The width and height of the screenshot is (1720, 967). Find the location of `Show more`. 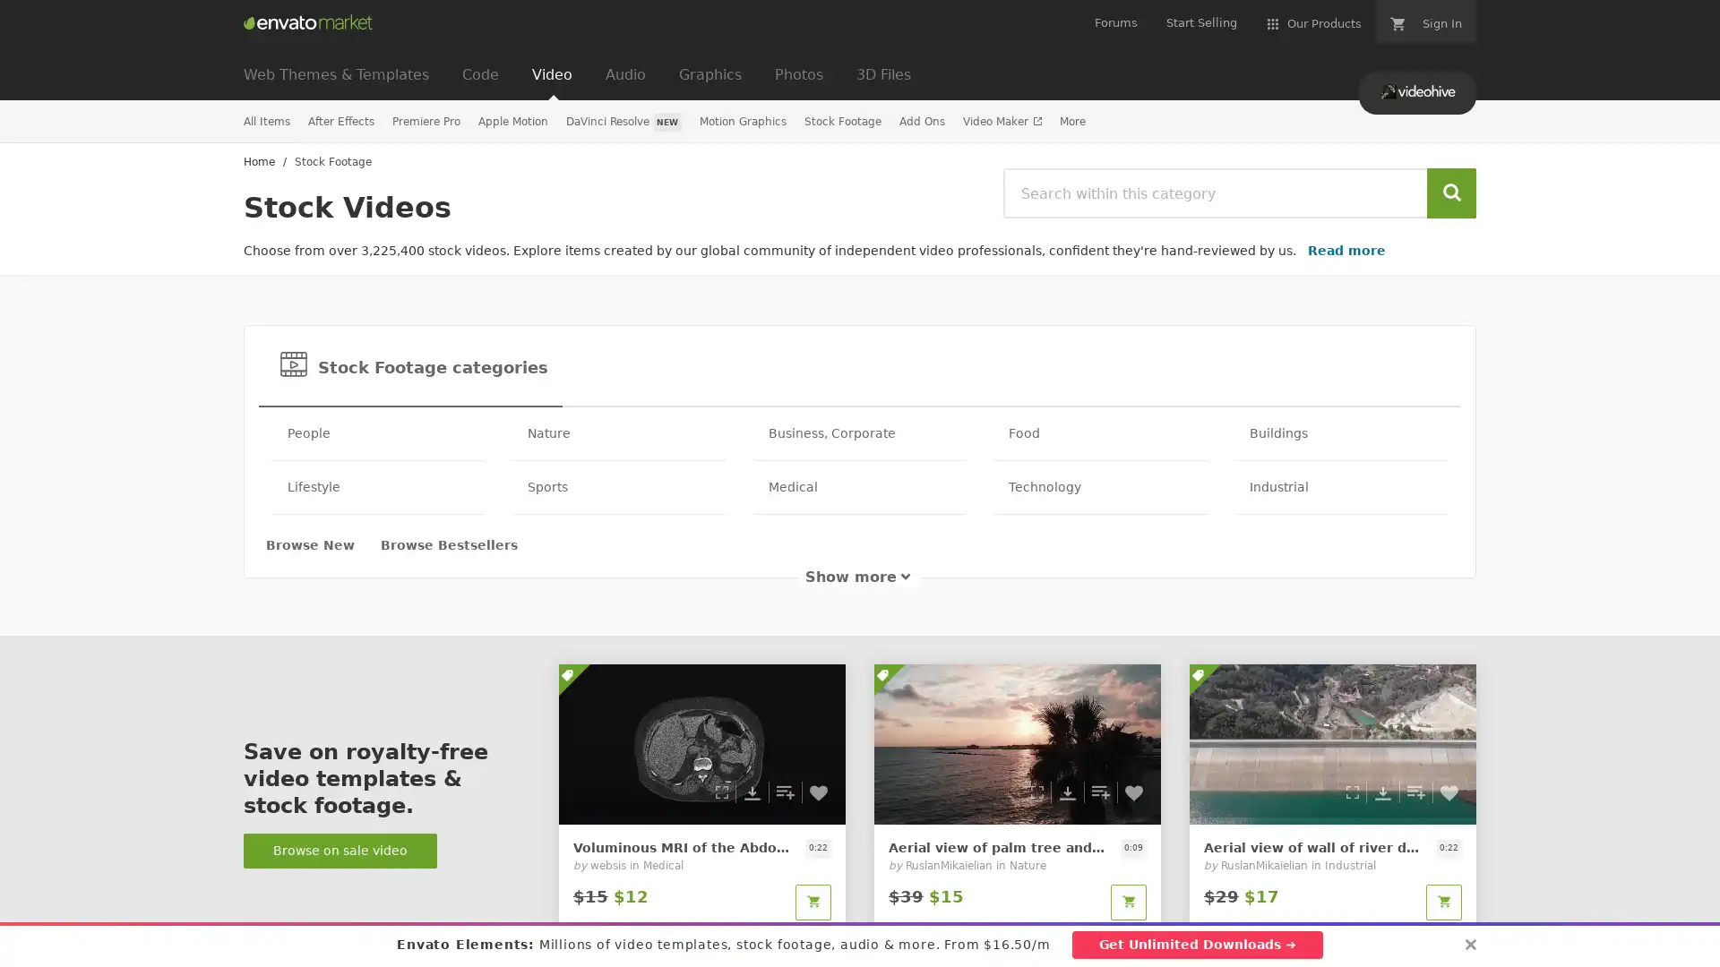

Show more is located at coordinates (860, 577).